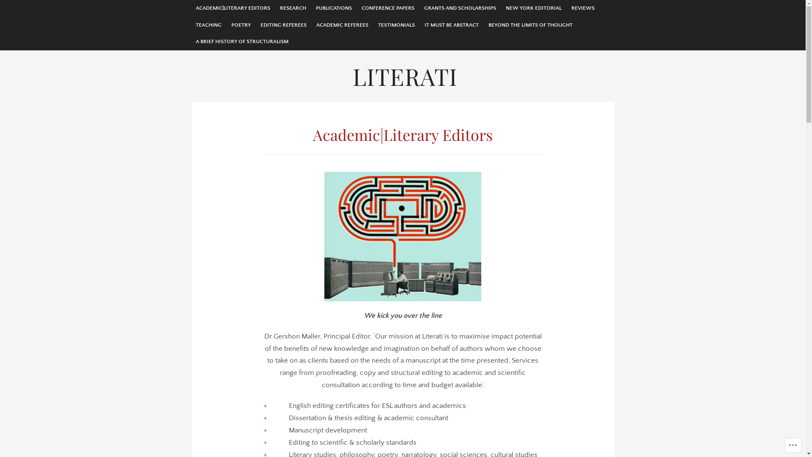 This screenshot has width=812, height=457. I want to click on 'TEACHING', so click(208, 25).